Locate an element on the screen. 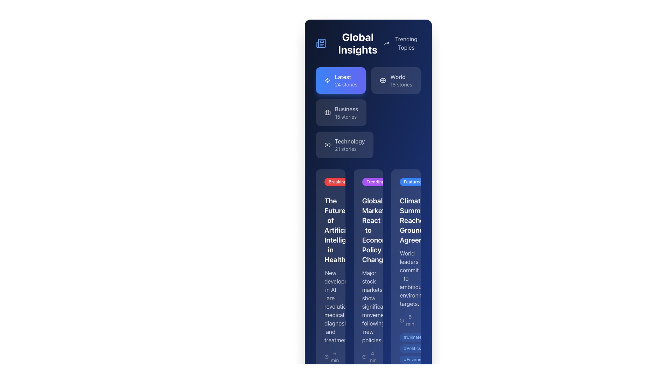 This screenshot has height=378, width=672. the 'World' card button, which has a dark blue background, a globe icon, and displays 'World' in white bold text with '18 stories' underneath is located at coordinates (396, 80).